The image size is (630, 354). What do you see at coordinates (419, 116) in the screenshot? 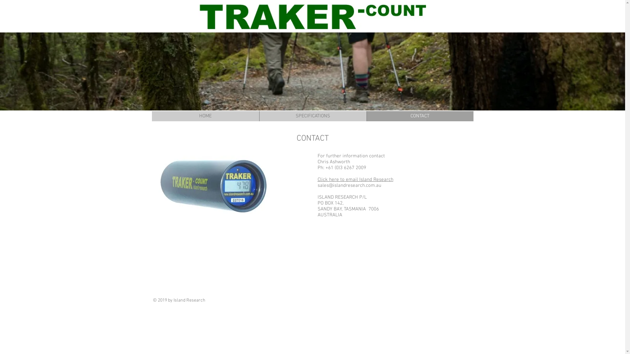
I see `'CONTACT'` at bounding box center [419, 116].